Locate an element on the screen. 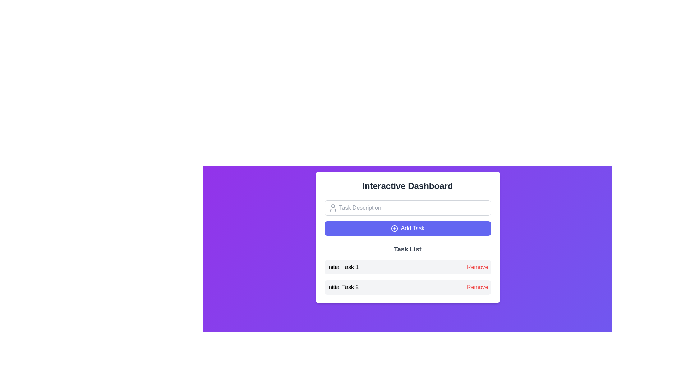 Image resolution: width=690 pixels, height=388 pixels. the 'Interactive Dashboard' text element, which is styled in bold and gray, located at the top of the panel above the 'Task Description' input field is located at coordinates (408, 185).